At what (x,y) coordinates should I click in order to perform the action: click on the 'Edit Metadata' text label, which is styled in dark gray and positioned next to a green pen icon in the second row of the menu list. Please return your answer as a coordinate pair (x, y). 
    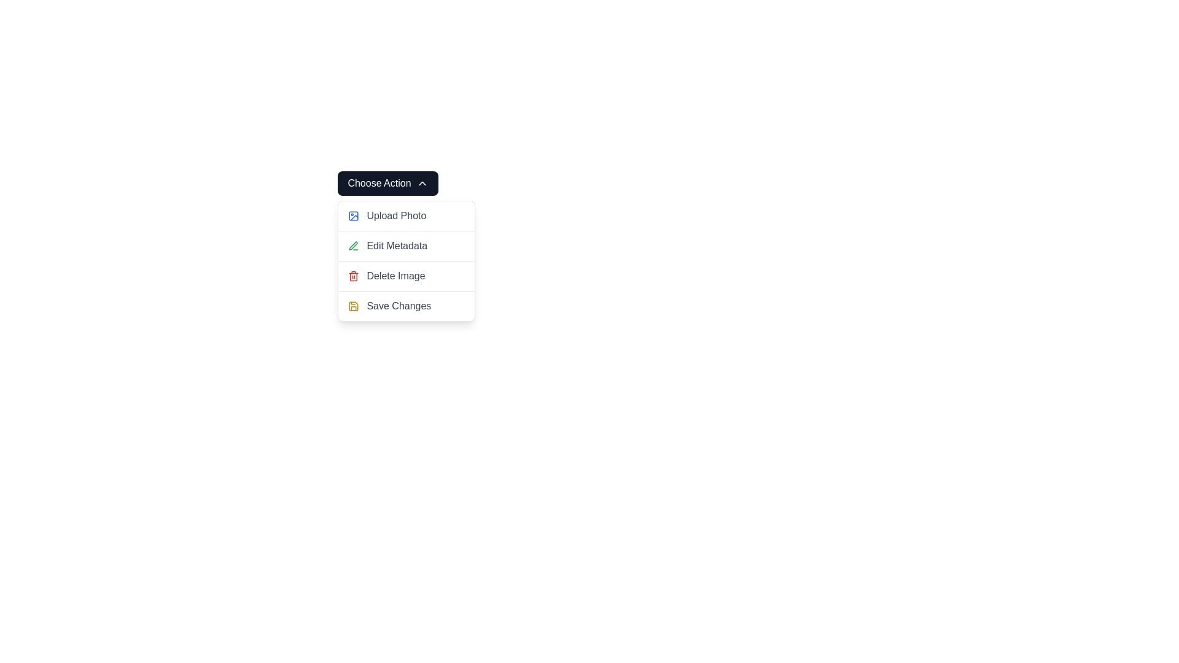
    Looking at the image, I should click on (397, 246).